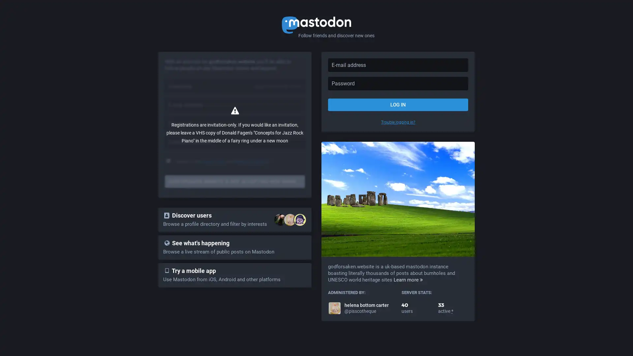 The height and width of the screenshot is (356, 633). I want to click on GODFORSAKEN.WEBSITE IS NOT ACCEPTING NEW MEMBERS, so click(235, 182).